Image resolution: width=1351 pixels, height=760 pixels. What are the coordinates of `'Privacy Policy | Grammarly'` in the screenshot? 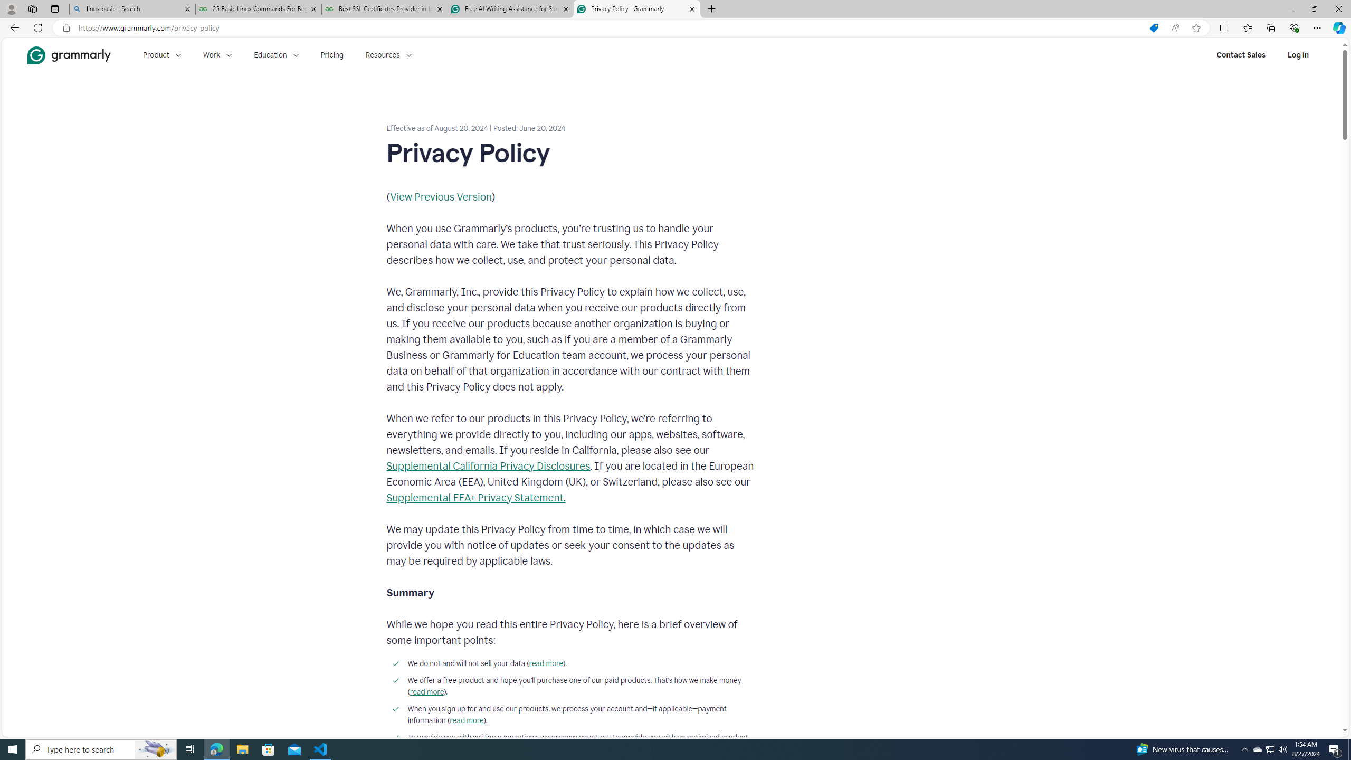 It's located at (635, 8).